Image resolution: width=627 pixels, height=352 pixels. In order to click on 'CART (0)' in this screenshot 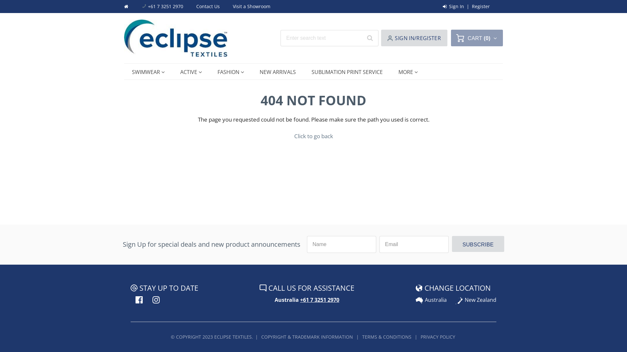, I will do `click(477, 38)`.